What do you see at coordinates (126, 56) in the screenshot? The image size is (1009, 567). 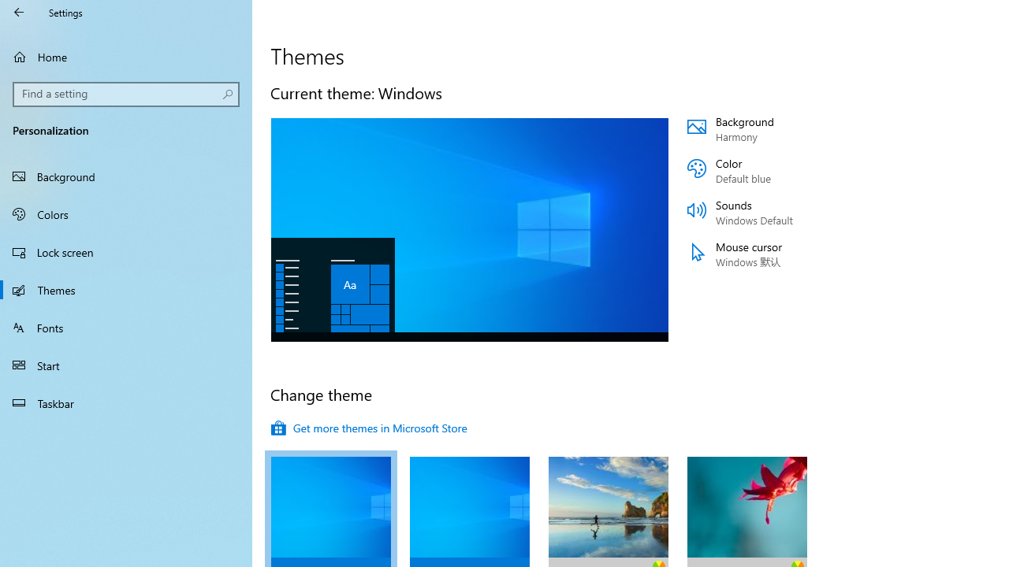 I see `'Home'` at bounding box center [126, 56].